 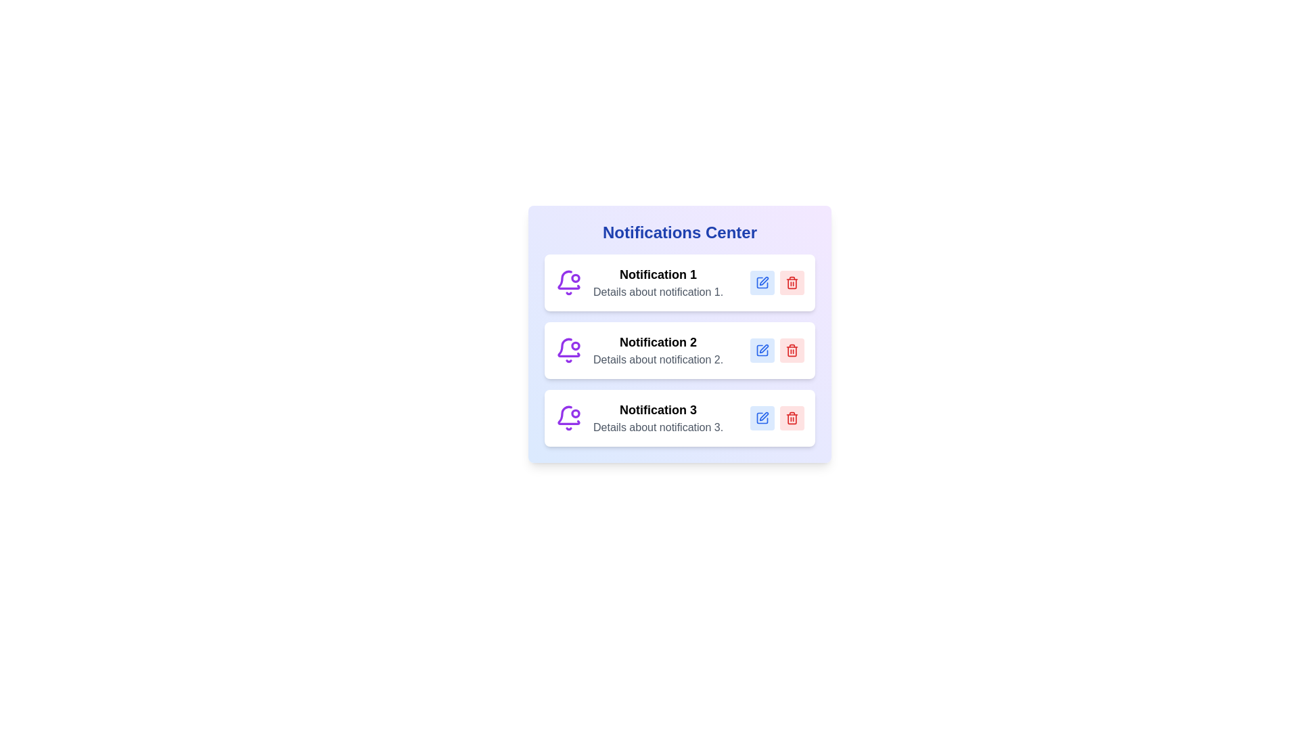 What do you see at coordinates (762, 349) in the screenshot?
I see `the blue edit icon located on the right side of the second notification entry in the notification center to possibly see a tooltip` at bounding box center [762, 349].